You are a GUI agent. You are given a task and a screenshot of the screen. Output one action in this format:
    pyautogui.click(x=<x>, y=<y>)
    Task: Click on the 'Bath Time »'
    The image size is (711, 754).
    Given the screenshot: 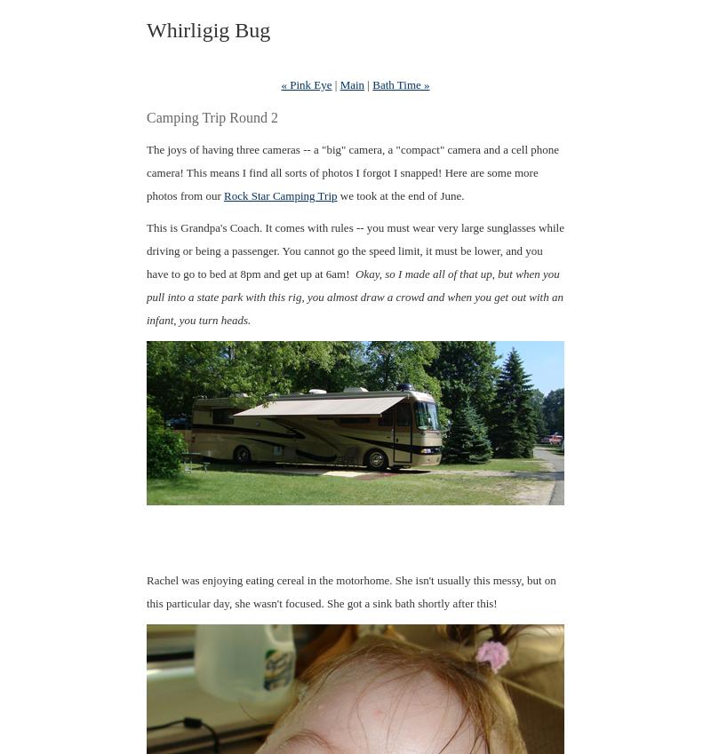 What is the action you would take?
    pyautogui.click(x=399, y=83)
    